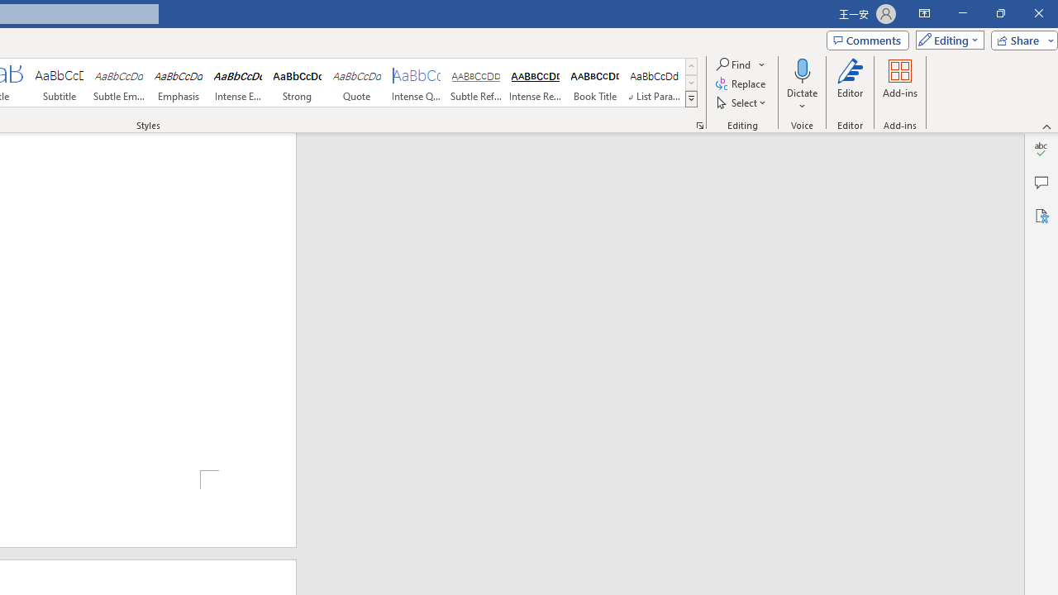 The width and height of the screenshot is (1058, 595). Describe the element at coordinates (691, 99) in the screenshot. I see `'Styles'` at that location.